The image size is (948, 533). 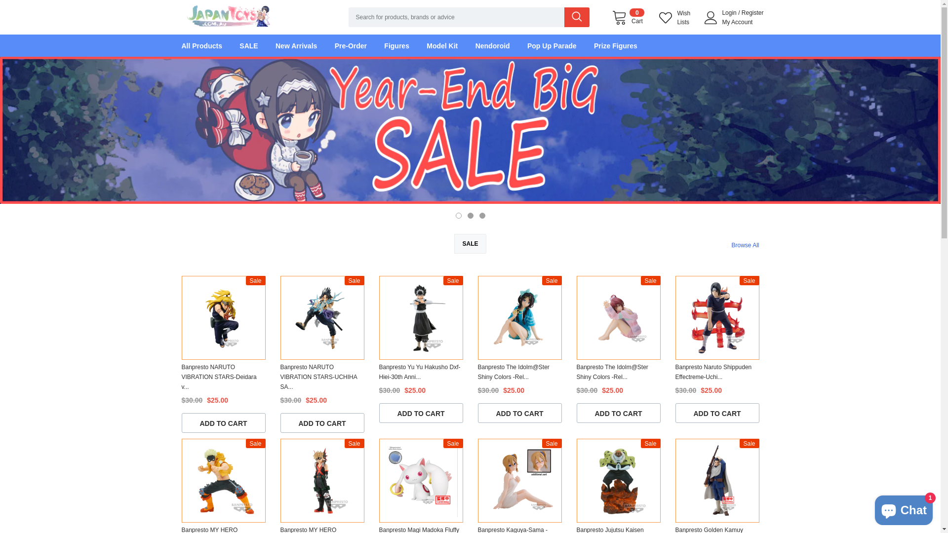 I want to click on 'Prize Figures', so click(x=623, y=45).